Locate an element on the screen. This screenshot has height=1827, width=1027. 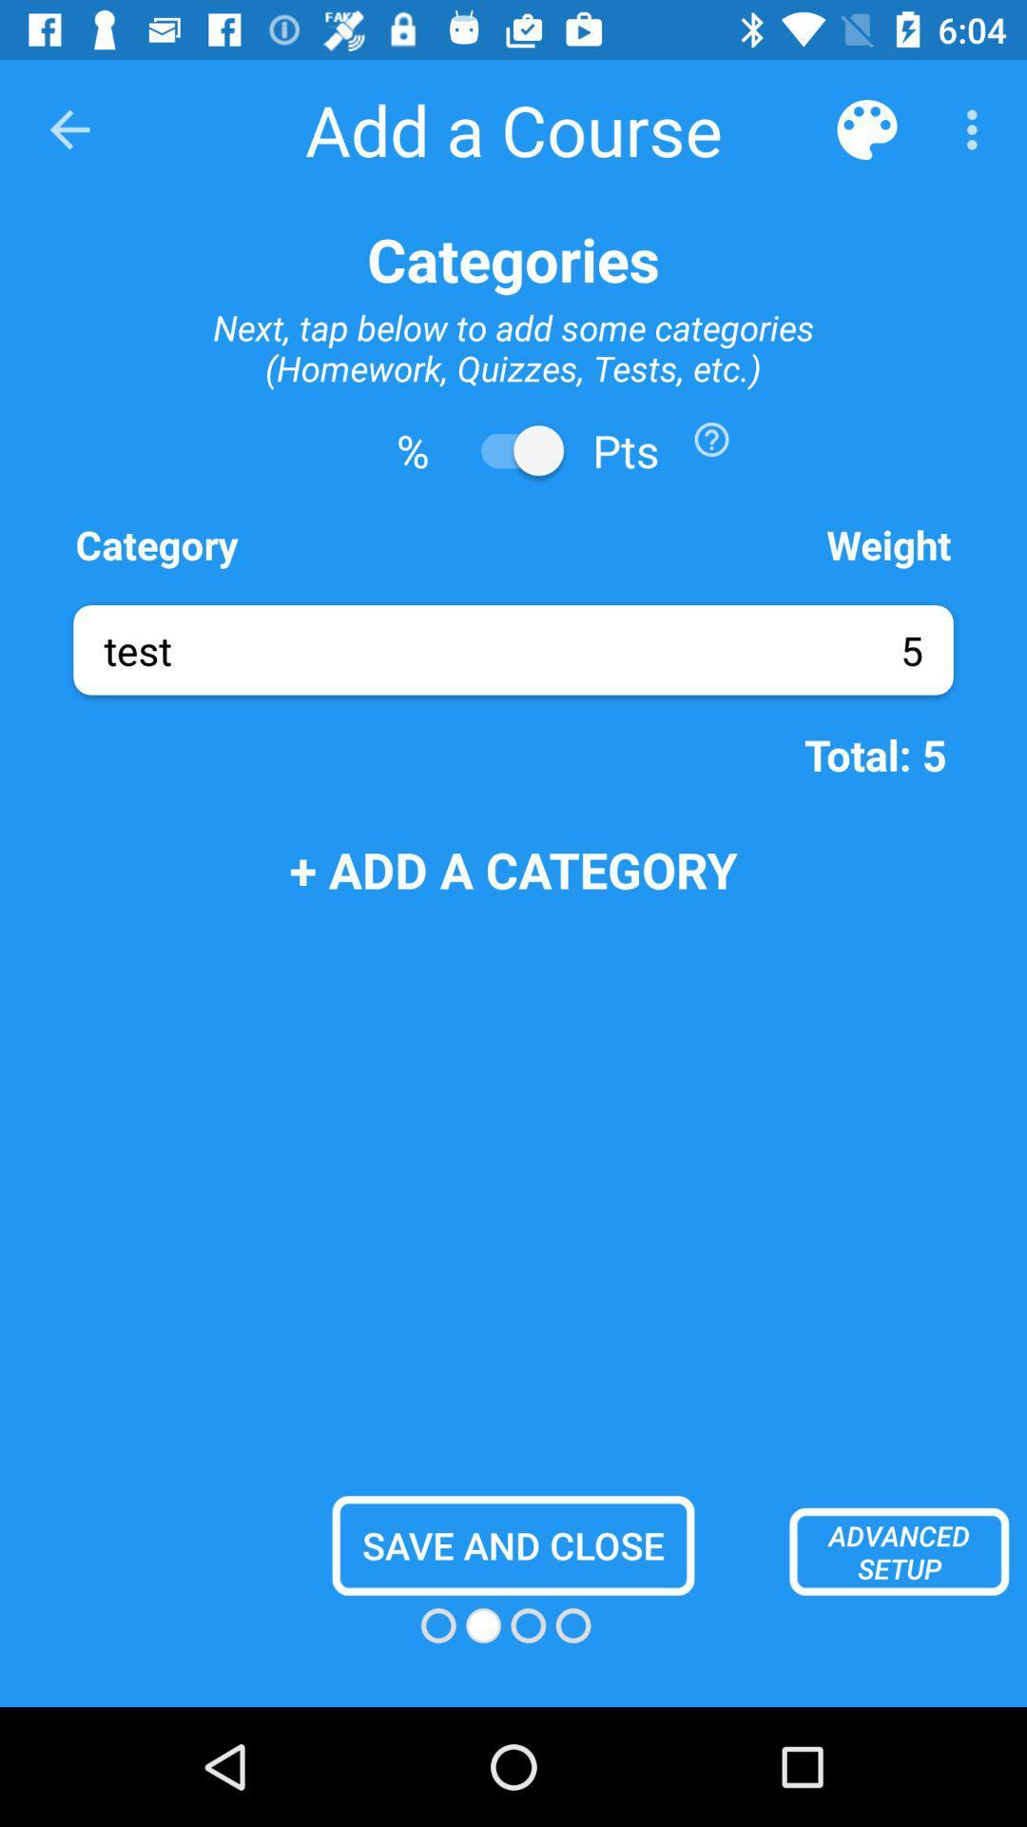
questions and faq for the site is located at coordinates (711, 438).